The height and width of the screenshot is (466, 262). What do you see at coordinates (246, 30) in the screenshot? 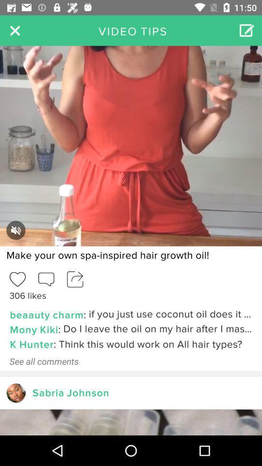
I see `the edit icon` at bounding box center [246, 30].